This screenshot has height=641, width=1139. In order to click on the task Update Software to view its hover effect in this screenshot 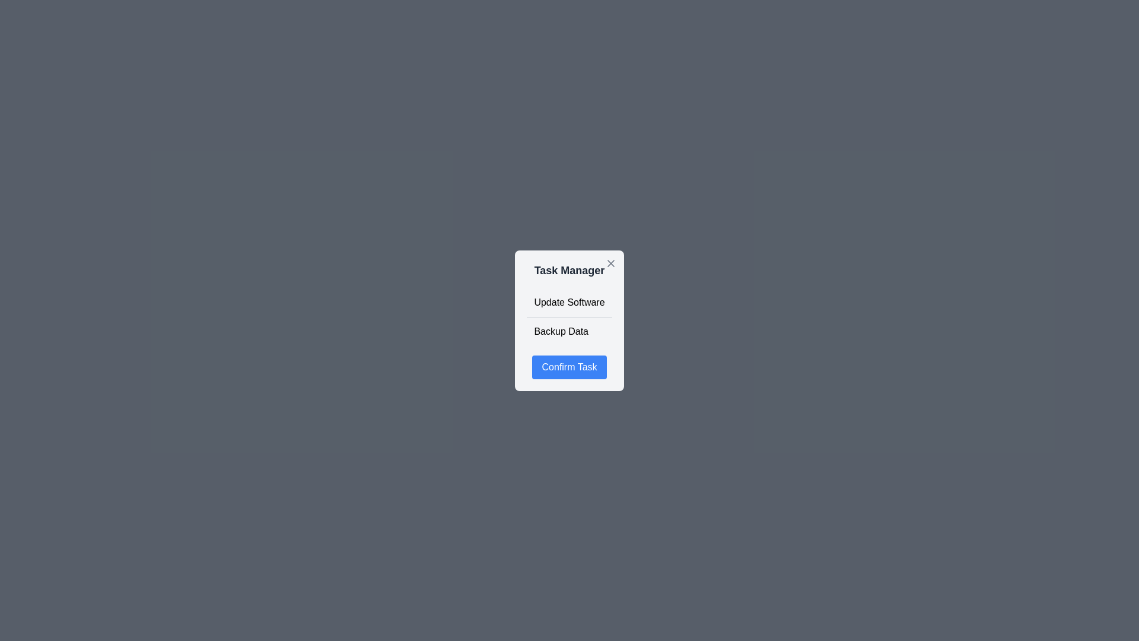, I will do `click(569, 302)`.